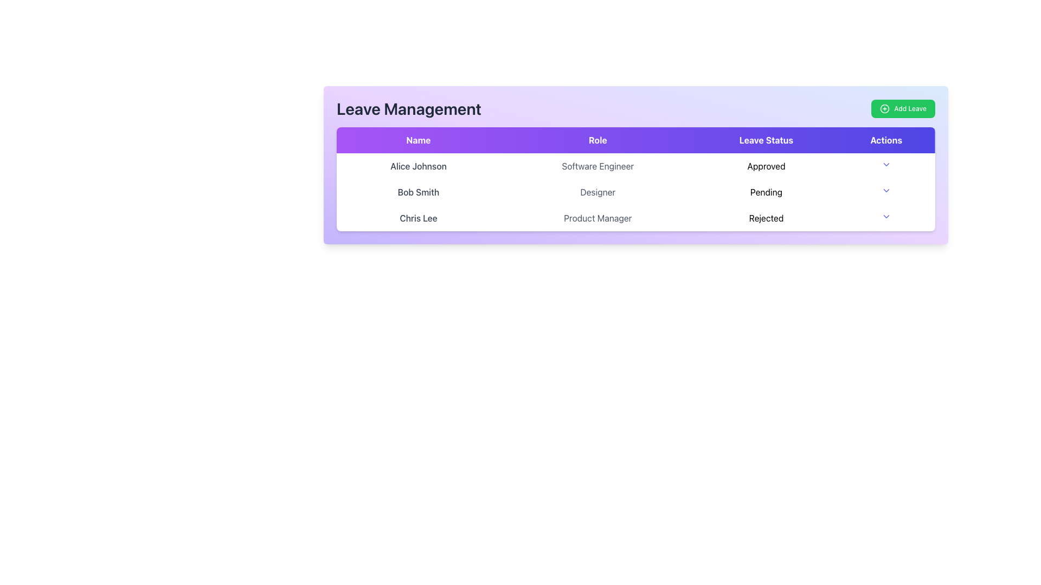 The width and height of the screenshot is (1041, 585). Describe the element at coordinates (885, 108) in the screenshot. I see `the central decorative circle element of the 'Add Leave' button, which is a transparent circle with a radius of 10 units located at the top-right corner of the interface` at that location.